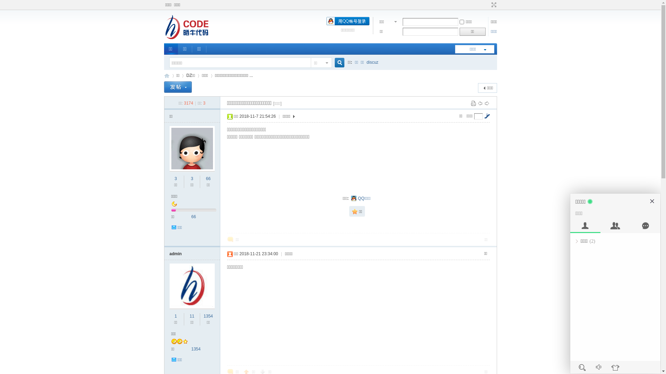  What do you see at coordinates (336, 63) in the screenshot?
I see `'true'` at bounding box center [336, 63].